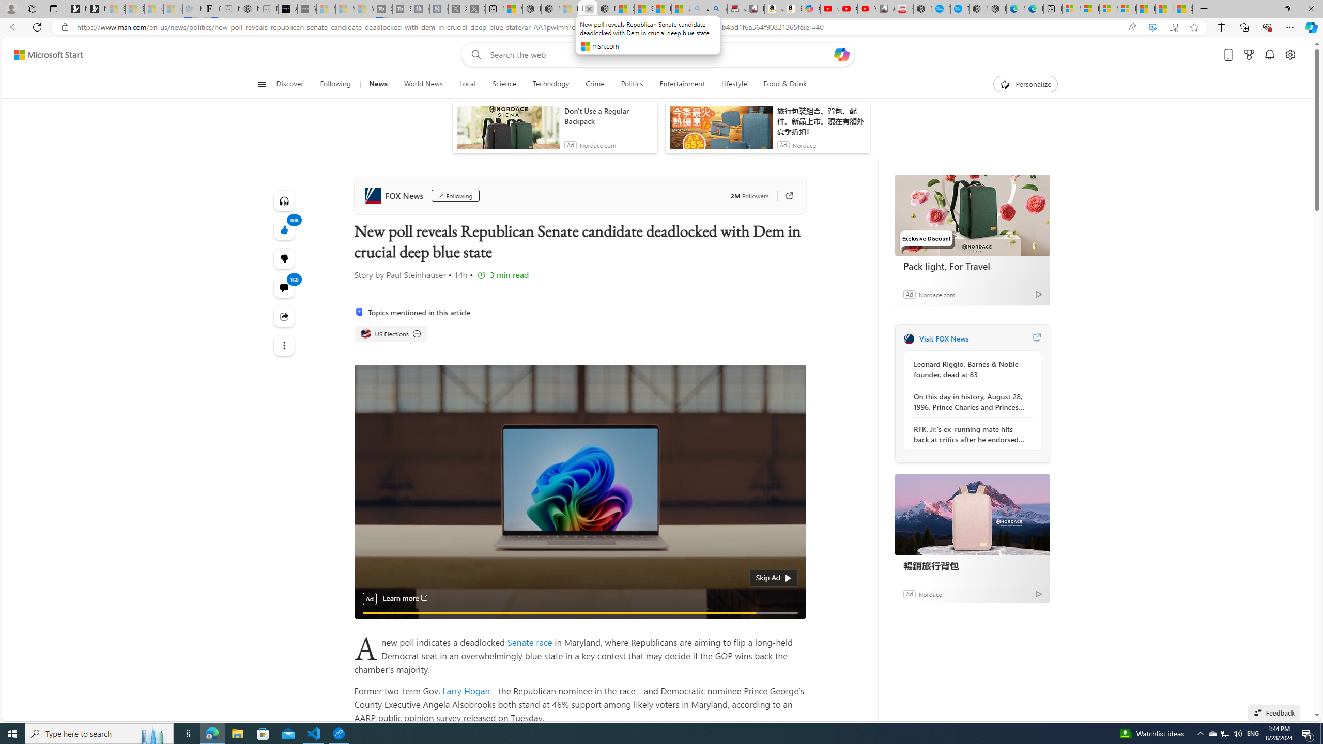 The width and height of the screenshot is (1323, 744). What do you see at coordinates (503, 84) in the screenshot?
I see `'Science'` at bounding box center [503, 84].